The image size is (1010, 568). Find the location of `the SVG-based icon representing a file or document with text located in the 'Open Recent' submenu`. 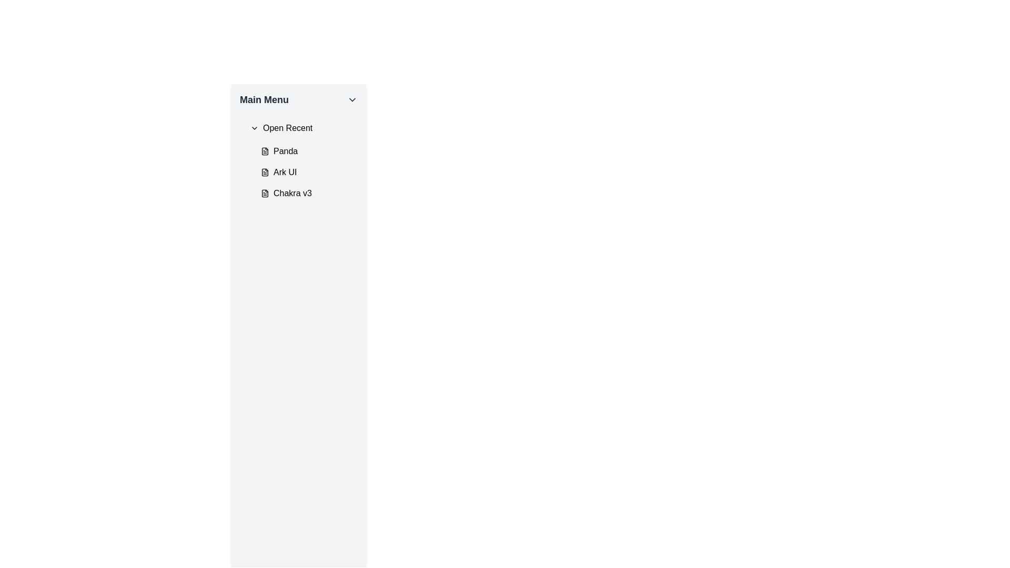

the SVG-based icon representing a file or document with text located in the 'Open Recent' submenu is located at coordinates (265, 193).